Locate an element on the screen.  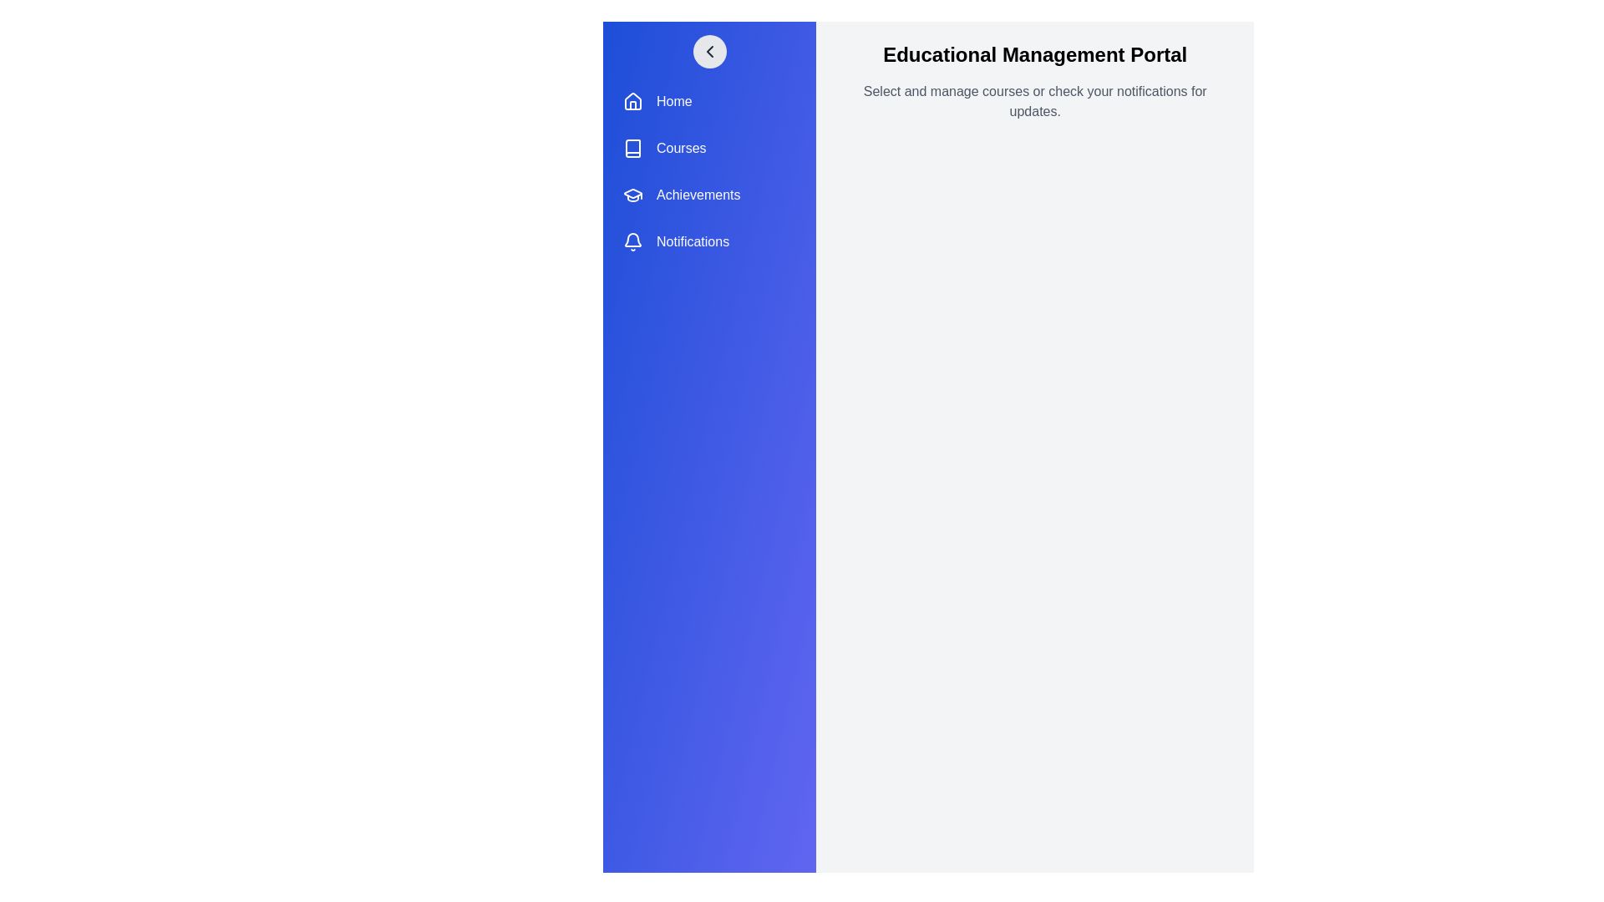
the menu item labeled Home to observe its hover effect is located at coordinates (709, 102).